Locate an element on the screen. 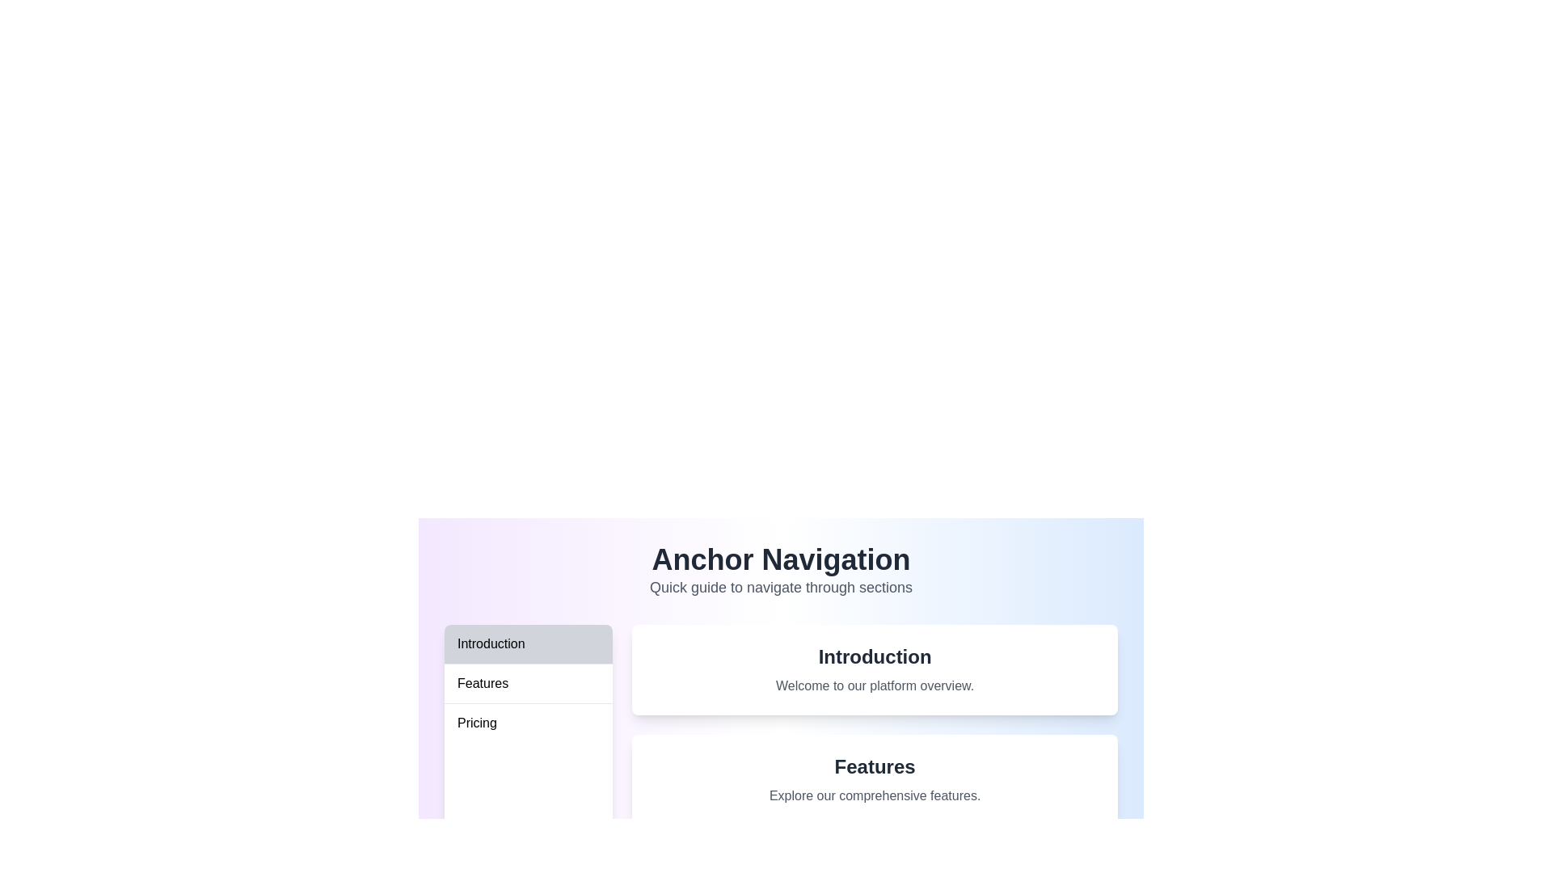 The image size is (1552, 873). the navigation button is located at coordinates (781, 658).